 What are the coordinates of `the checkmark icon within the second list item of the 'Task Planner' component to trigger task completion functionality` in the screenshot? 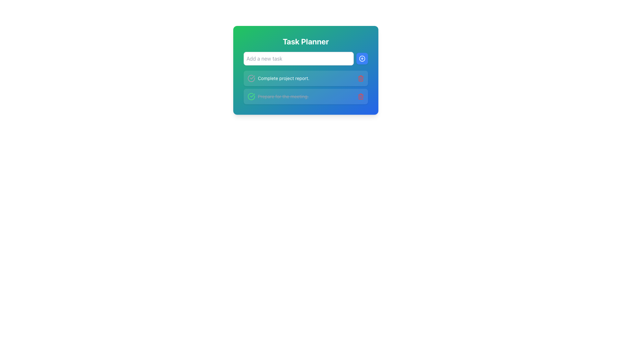 It's located at (252, 77).